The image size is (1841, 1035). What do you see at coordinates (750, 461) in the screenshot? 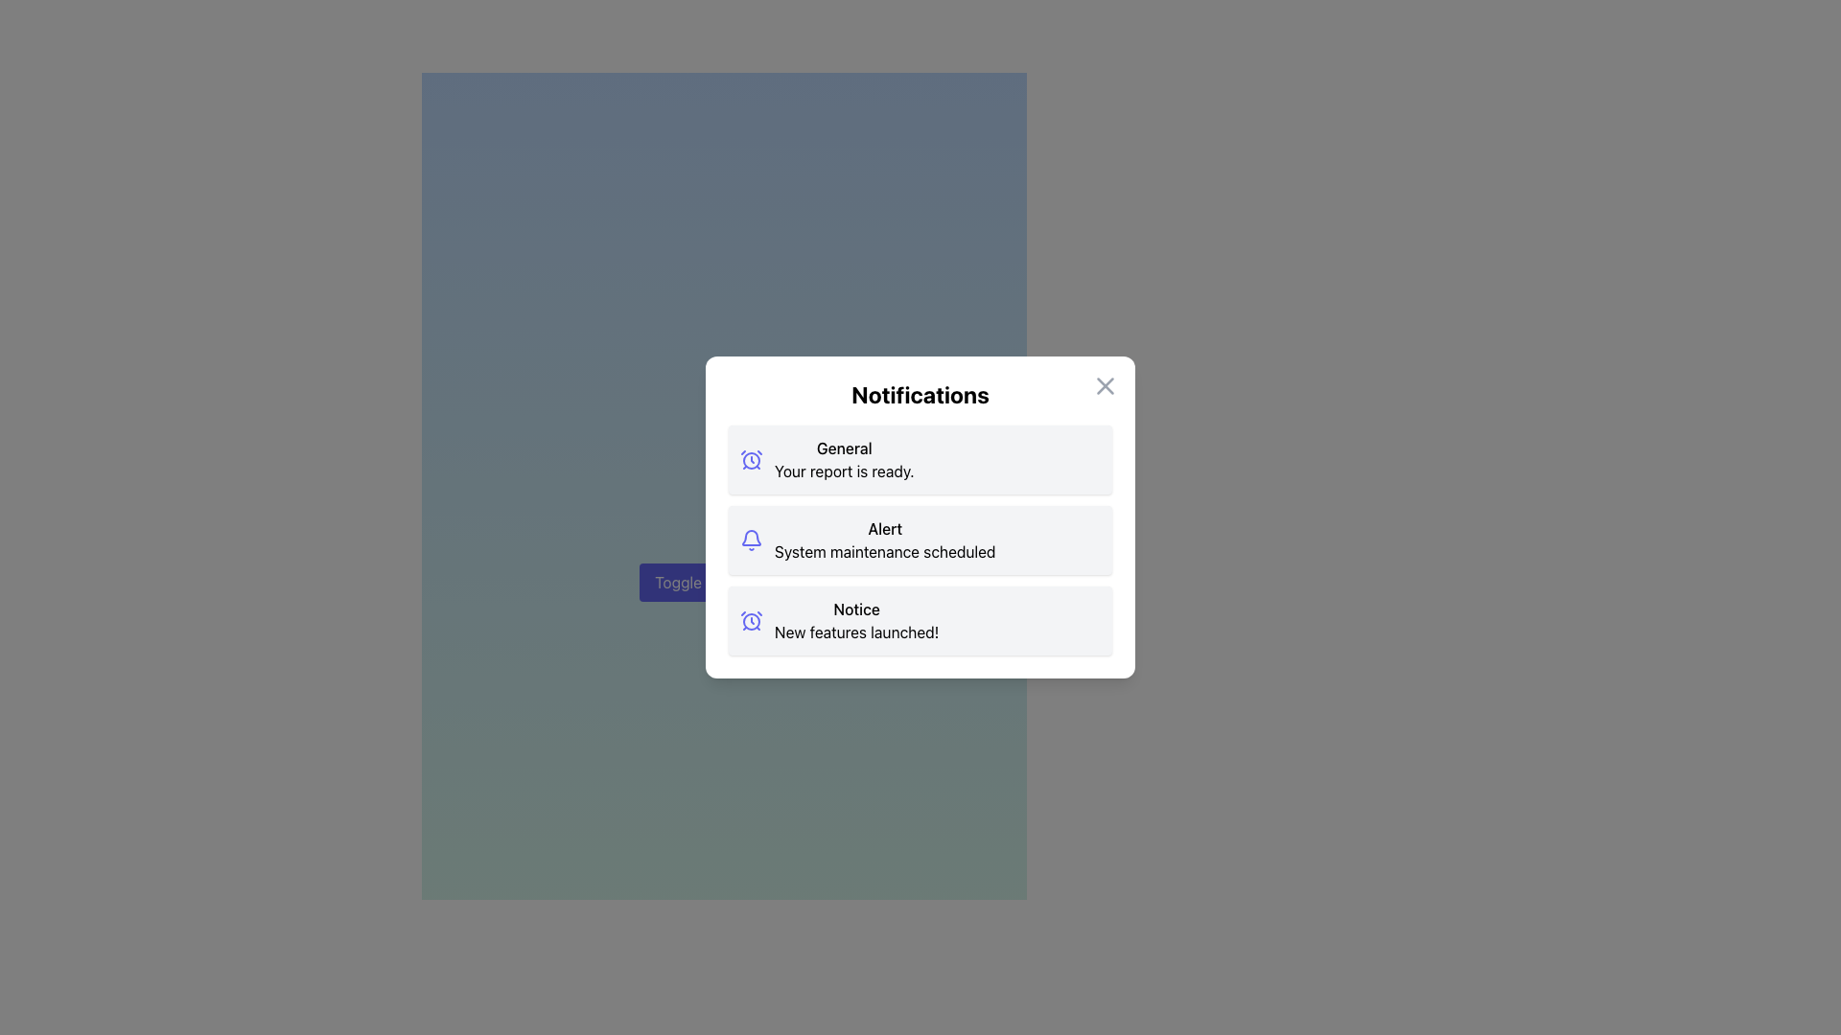
I see `the circular element representing the clock face in the alarm clock icon located in the top-left corner of the 'General' notification card within the modal dialog` at bounding box center [750, 461].